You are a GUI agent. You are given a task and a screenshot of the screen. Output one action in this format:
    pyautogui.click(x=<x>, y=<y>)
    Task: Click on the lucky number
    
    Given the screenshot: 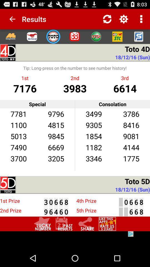 What is the action you would take?
    pyautogui.click(x=42, y=224)
    